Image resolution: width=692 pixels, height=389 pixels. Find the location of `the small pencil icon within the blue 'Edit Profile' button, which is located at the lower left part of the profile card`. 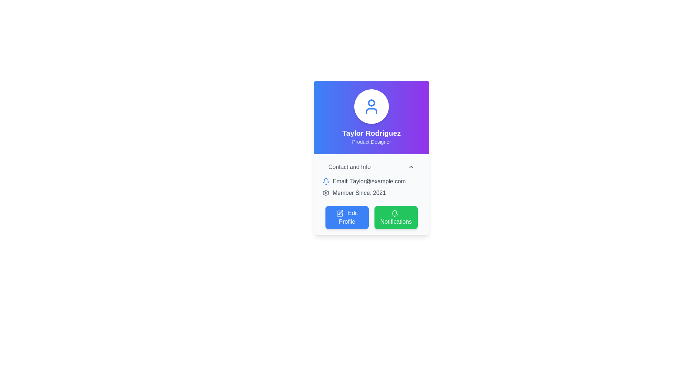

the small pencil icon within the blue 'Edit Profile' button, which is located at the lower left part of the profile card is located at coordinates (339, 213).